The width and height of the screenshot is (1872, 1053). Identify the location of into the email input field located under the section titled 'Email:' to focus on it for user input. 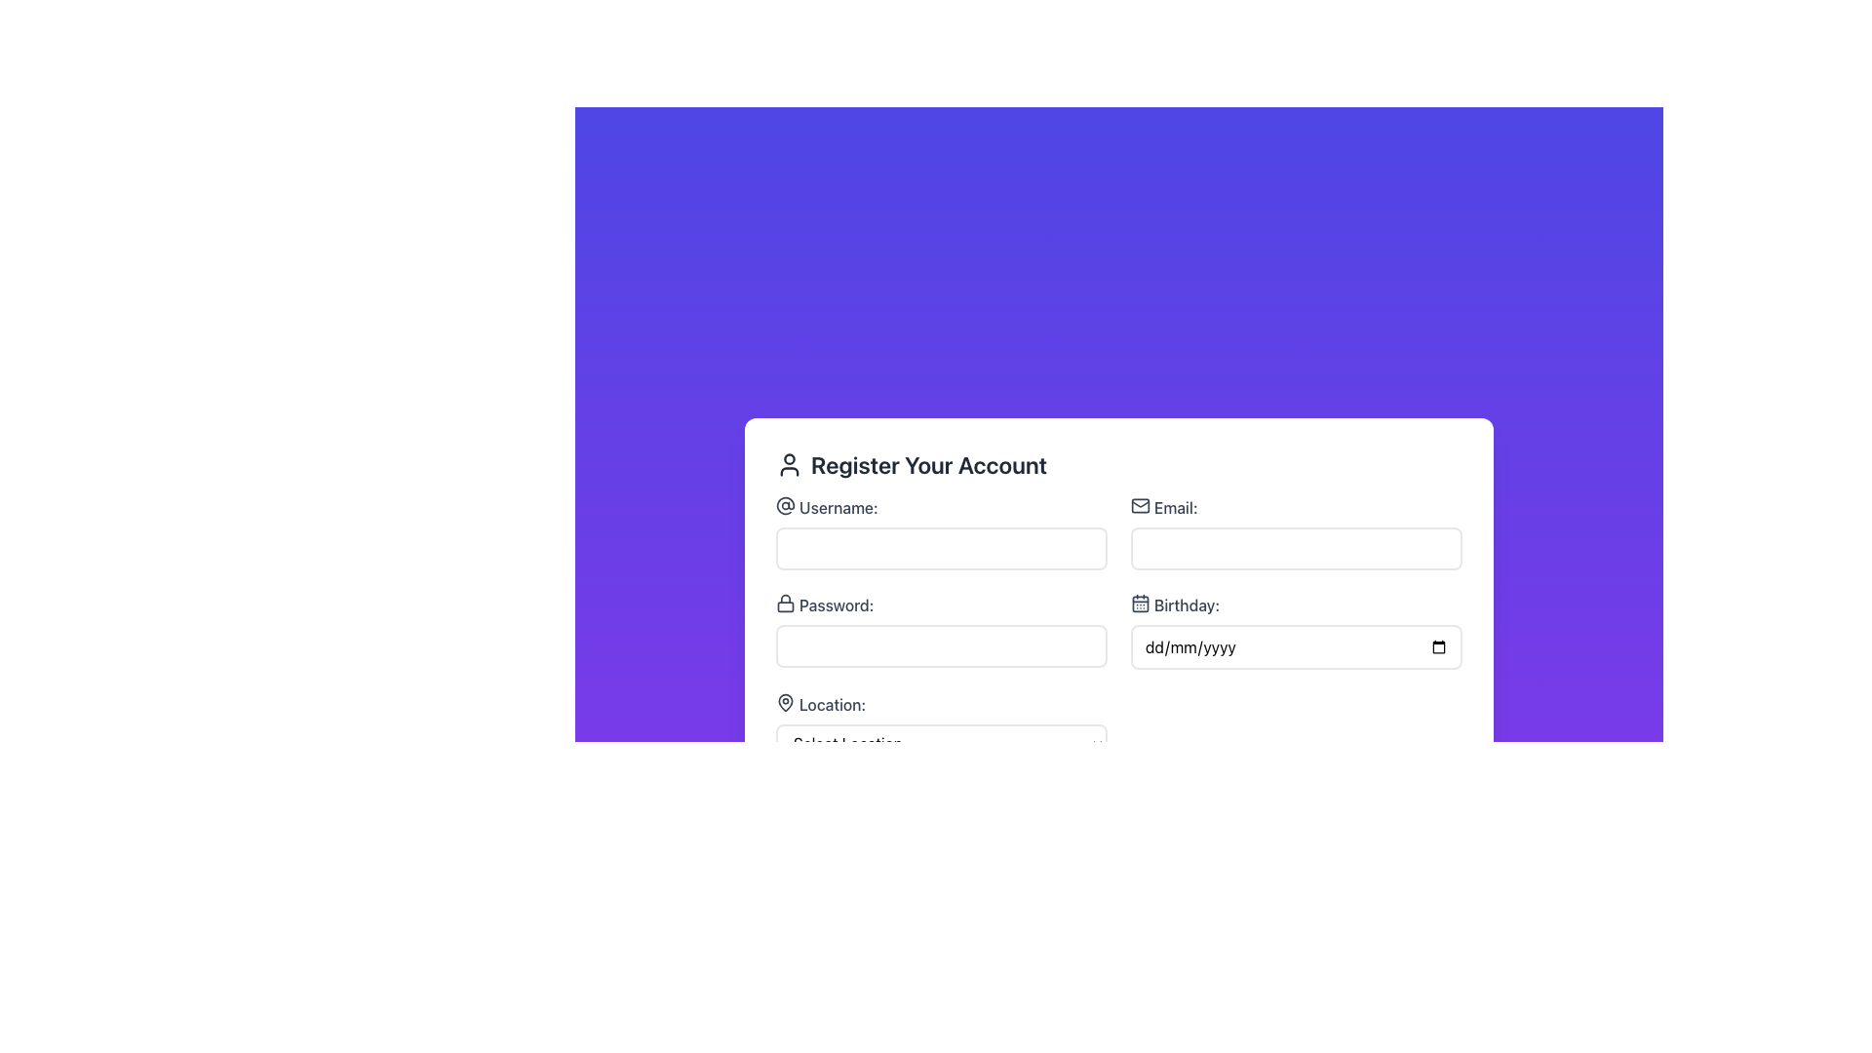
(1296, 533).